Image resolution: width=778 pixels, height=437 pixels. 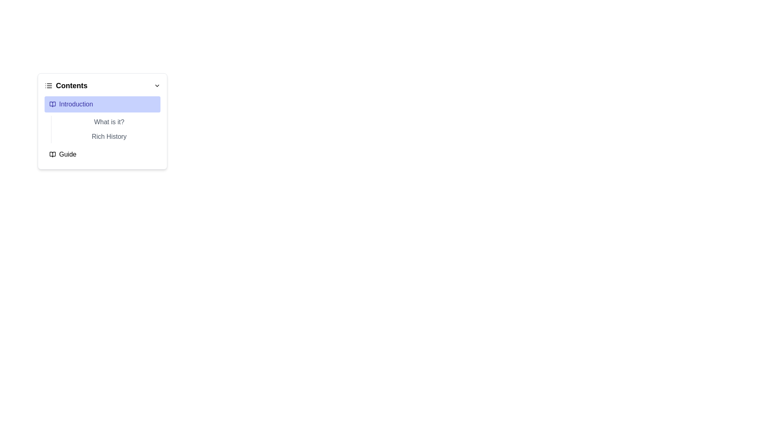 What do you see at coordinates (102, 154) in the screenshot?
I see `the clickable navigation link titled 'Guide' located at the bottom of the contents box beneath the sections labeled 'Introduction', 'What is it?', and 'Rich History'` at bounding box center [102, 154].